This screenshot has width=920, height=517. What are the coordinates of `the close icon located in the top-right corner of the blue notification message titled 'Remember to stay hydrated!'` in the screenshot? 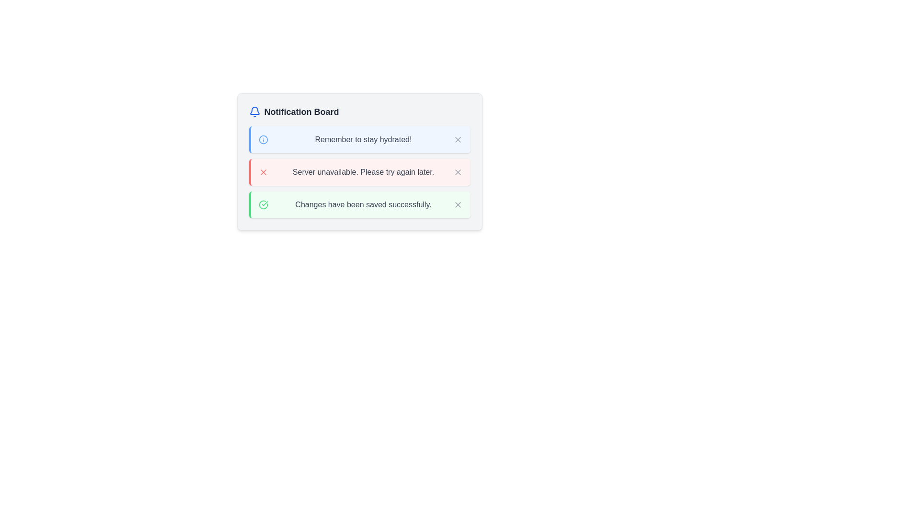 It's located at (457, 140).